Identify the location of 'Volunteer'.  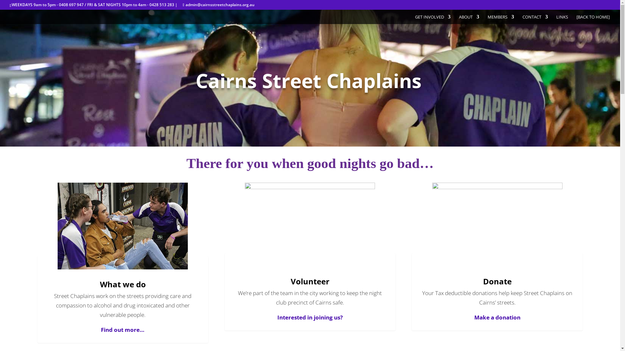
(290, 281).